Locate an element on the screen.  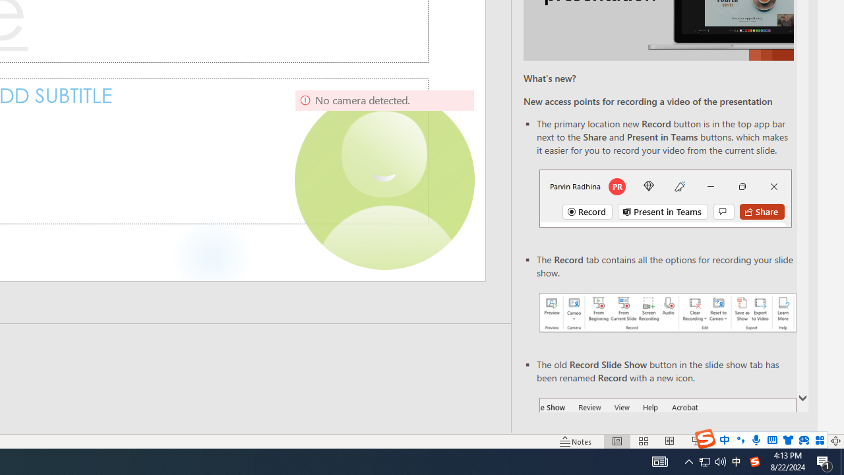
'Slide Sorter' is located at coordinates (644, 441).